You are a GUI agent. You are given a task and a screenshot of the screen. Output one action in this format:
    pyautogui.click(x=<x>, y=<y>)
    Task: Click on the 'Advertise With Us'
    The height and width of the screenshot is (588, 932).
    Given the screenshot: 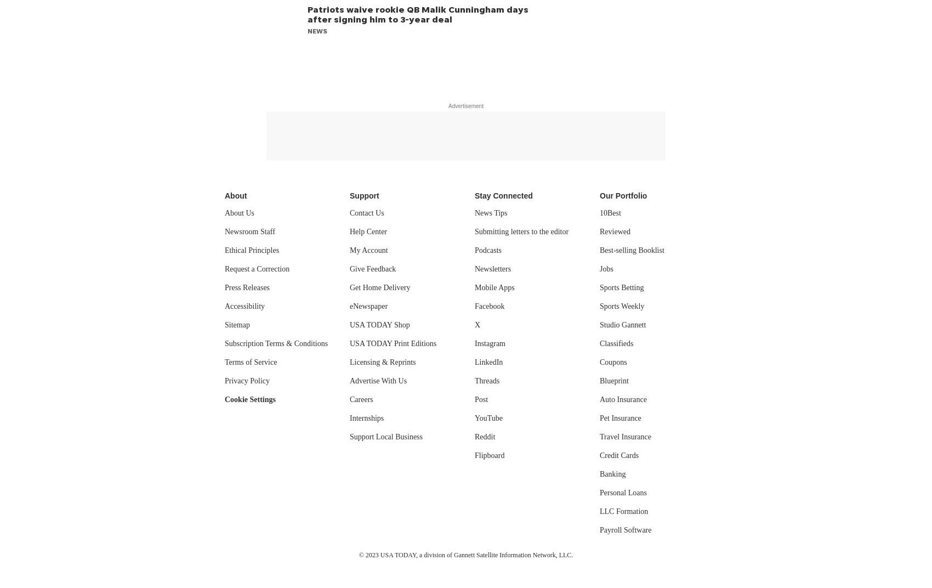 What is the action you would take?
    pyautogui.click(x=378, y=380)
    